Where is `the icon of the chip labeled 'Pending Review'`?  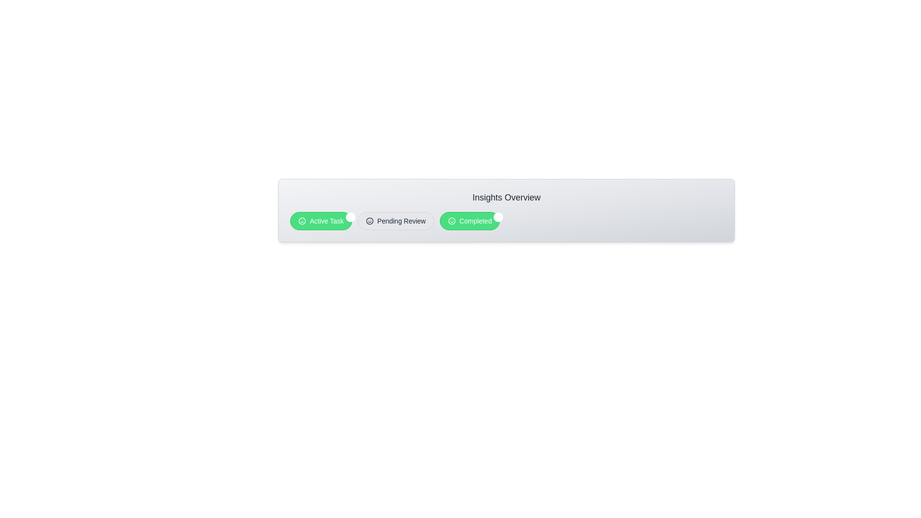
the icon of the chip labeled 'Pending Review' is located at coordinates (368, 221).